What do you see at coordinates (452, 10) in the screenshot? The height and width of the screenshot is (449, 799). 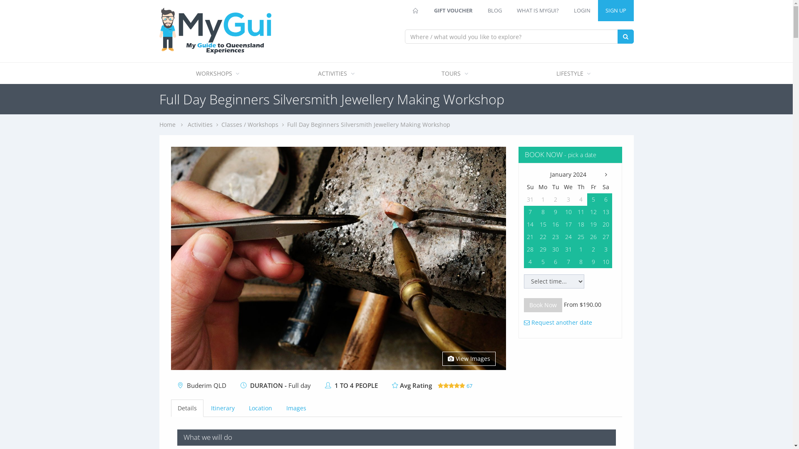 I see `'GIFT VOUCHER'` at bounding box center [452, 10].